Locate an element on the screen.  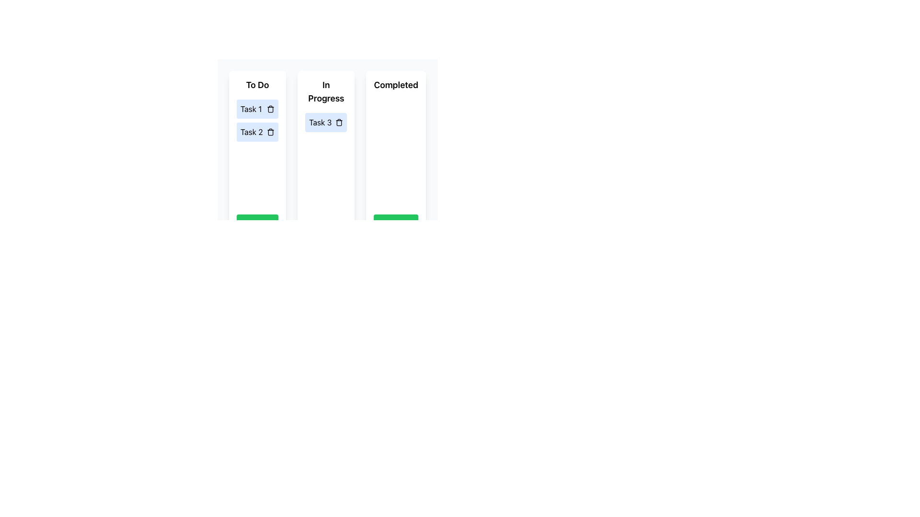
the delete icon button located to the right of 'Task 1' in the to-do list is located at coordinates (270, 108).